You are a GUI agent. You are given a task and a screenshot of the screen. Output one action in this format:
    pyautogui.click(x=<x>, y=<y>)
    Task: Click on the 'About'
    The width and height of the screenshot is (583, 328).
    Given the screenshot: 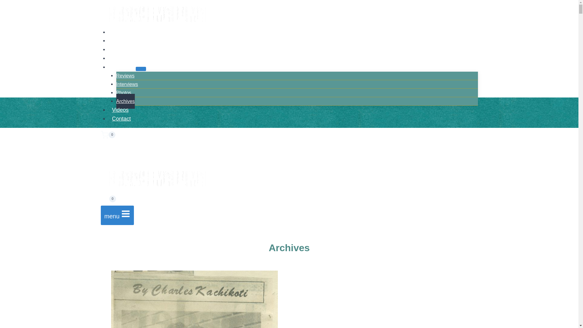 What is the action you would take?
    pyautogui.click(x=119, y=41)
    